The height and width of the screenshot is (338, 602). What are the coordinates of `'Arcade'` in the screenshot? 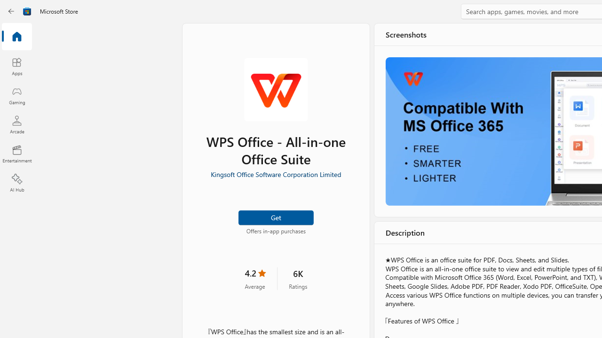 It's located at (16, 124).